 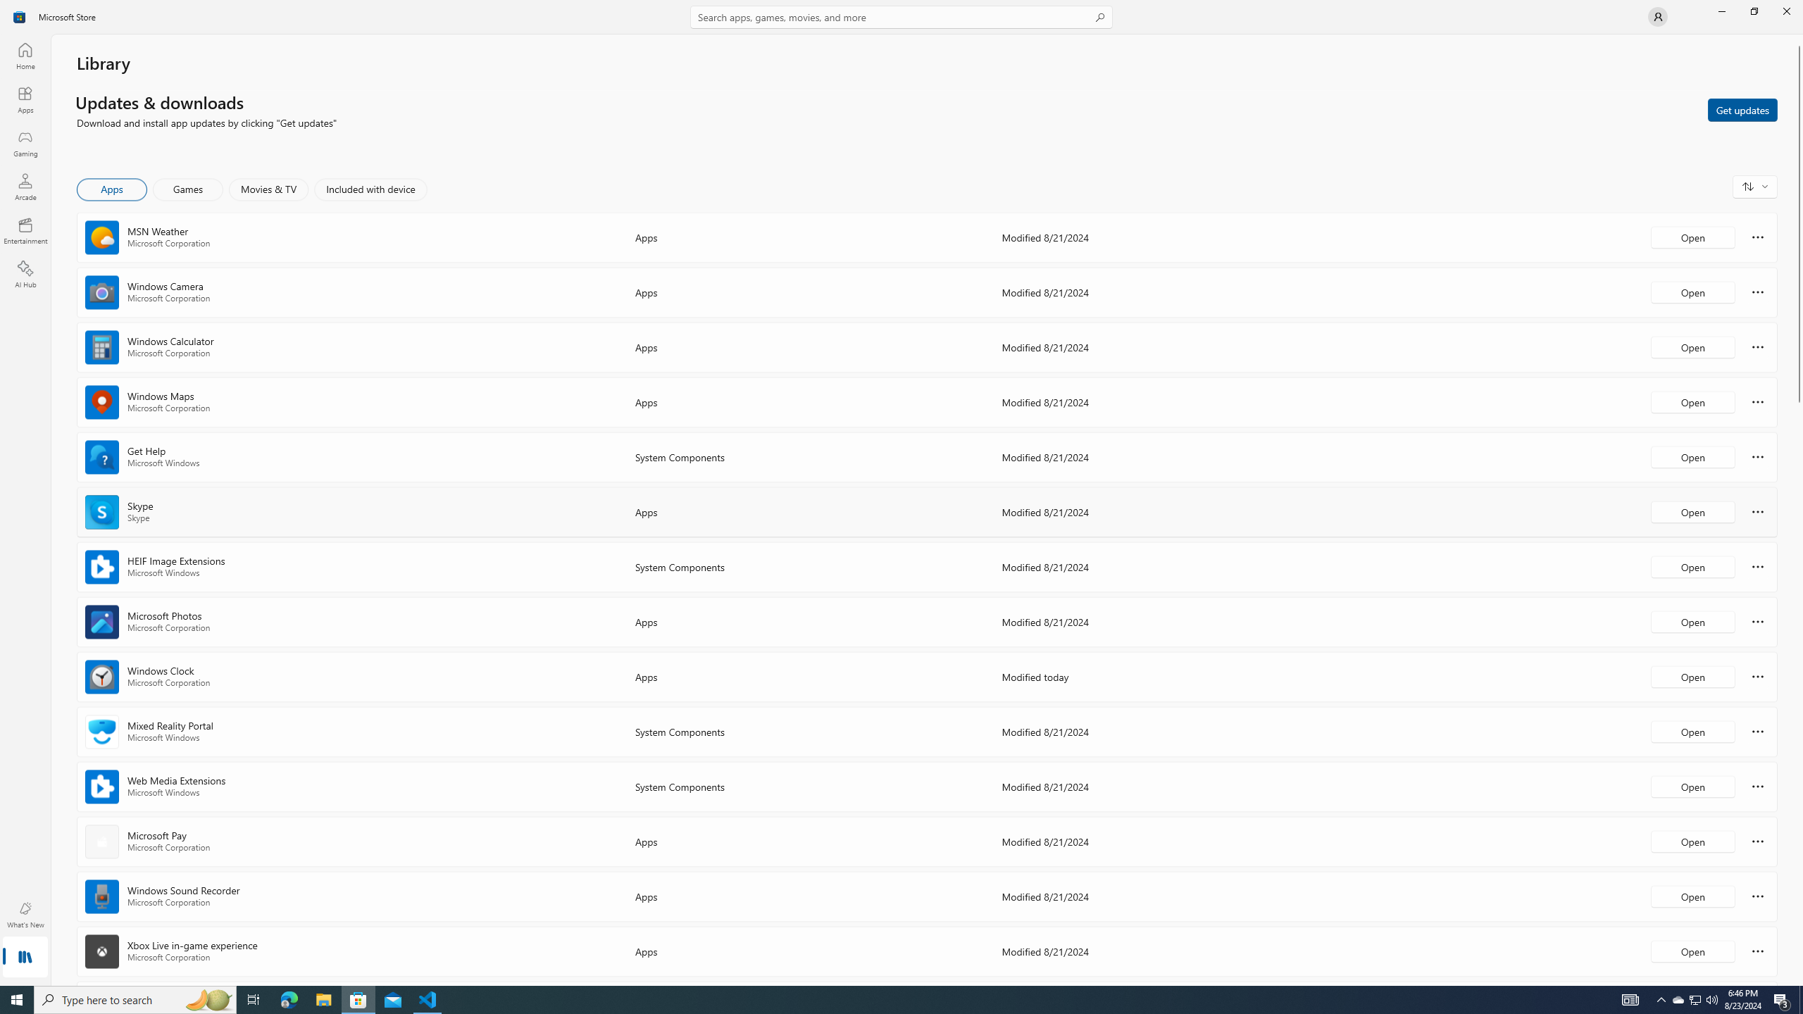 What do you see at coordinates (1797, 510) in the screenshot?
I see `'Vertical'` at bounding box center [1797, 510].